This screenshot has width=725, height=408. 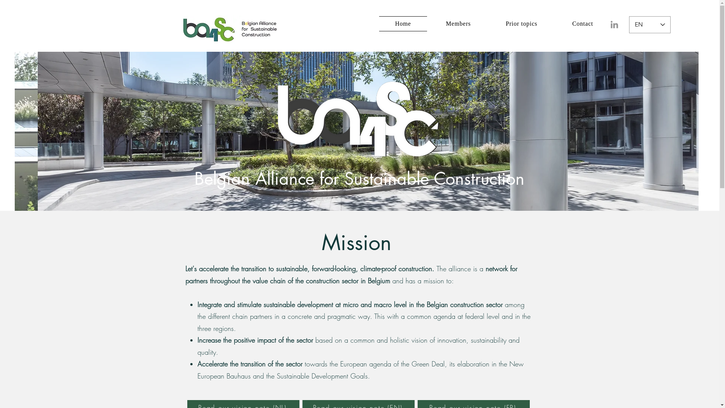 I want to click on 'Prior topics', so click(x=521, y=23).